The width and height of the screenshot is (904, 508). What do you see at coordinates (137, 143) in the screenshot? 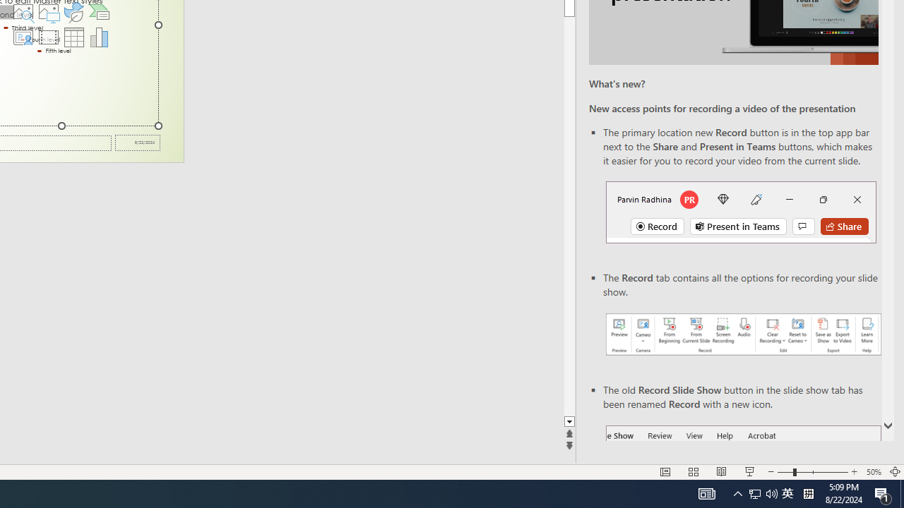
I see `'Date'` at bounding box center [137, 143].